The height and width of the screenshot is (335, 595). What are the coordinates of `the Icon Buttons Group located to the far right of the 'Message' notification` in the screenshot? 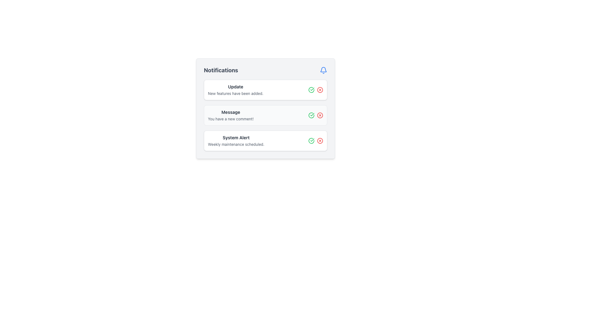 It's located at (315, 115).